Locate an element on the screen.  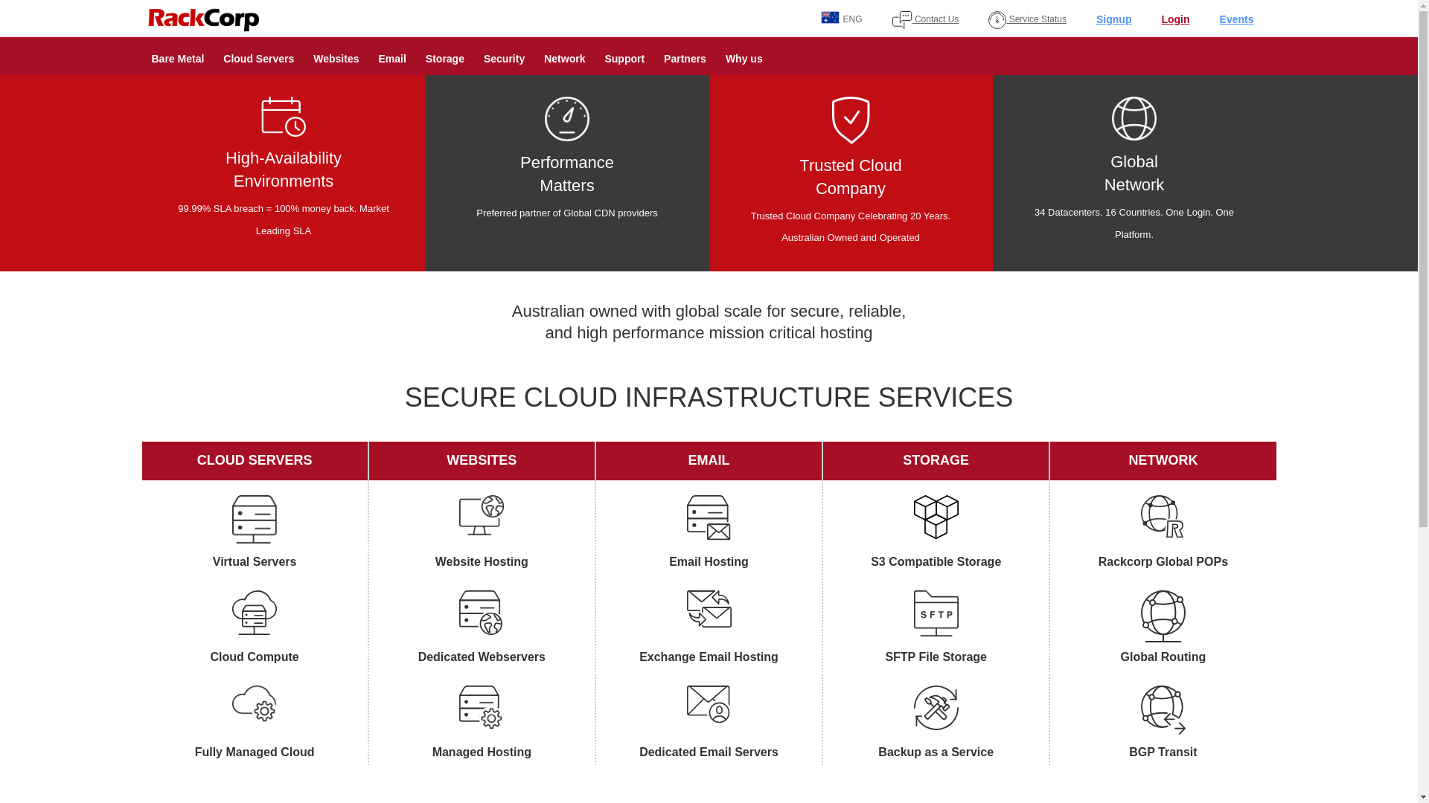
'Signup' is located at coordinates (1113, 19).